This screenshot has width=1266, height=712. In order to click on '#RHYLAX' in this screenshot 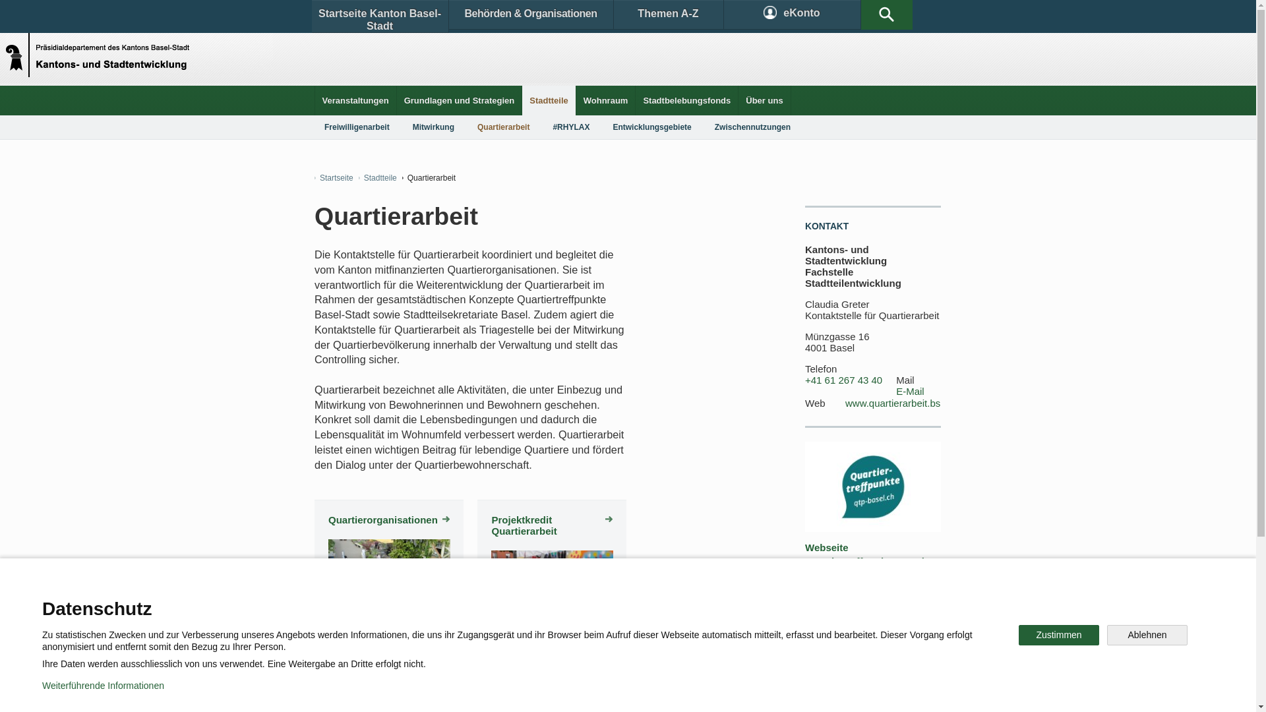, I will do `click(570, 127)`.